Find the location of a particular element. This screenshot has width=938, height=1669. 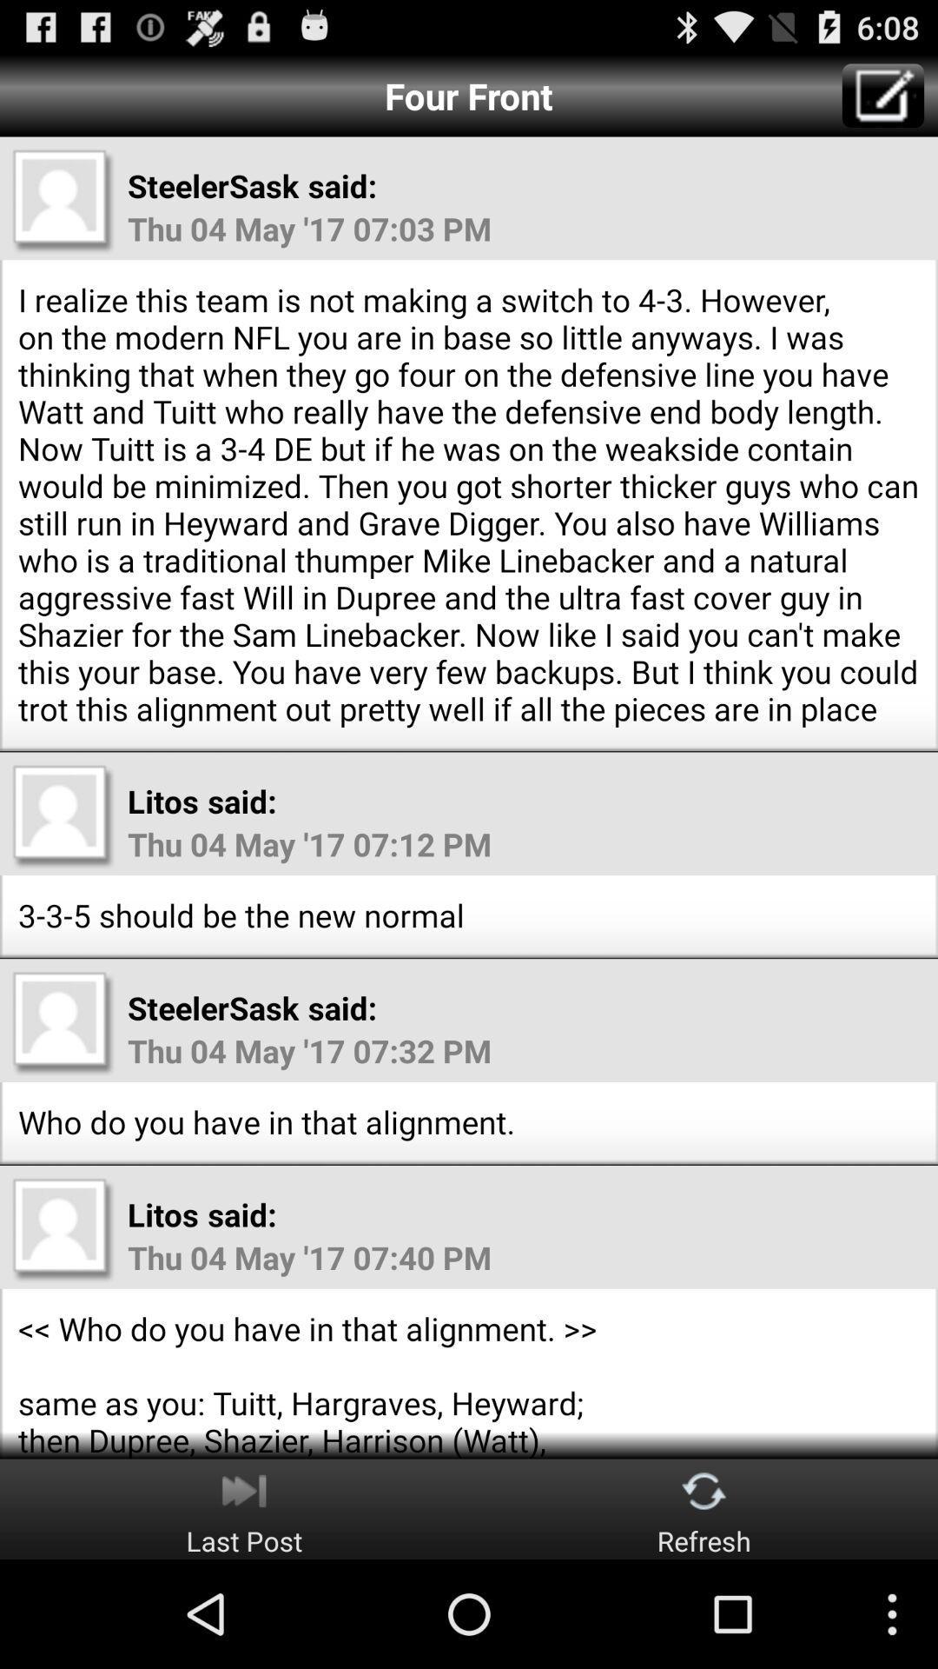

user info is located at coordinates (63, 815).